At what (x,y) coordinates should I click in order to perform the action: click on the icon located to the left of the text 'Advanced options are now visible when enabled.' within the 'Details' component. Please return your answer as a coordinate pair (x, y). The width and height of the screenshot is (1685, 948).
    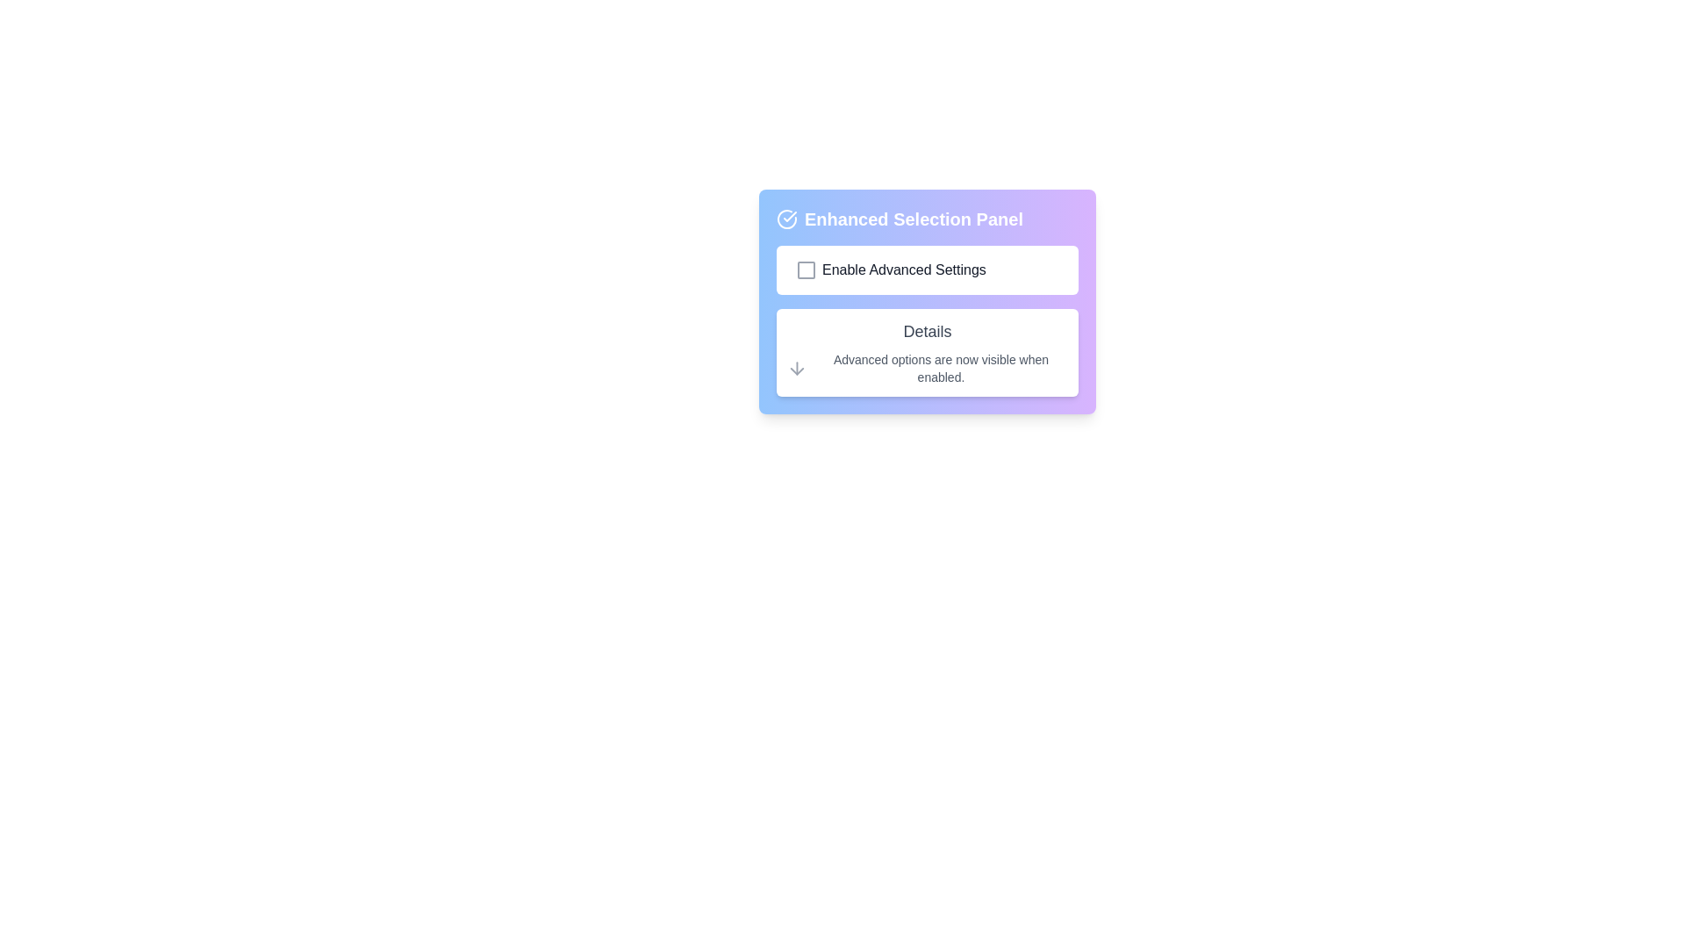
    Looking at the image, I should click on (796, 368).